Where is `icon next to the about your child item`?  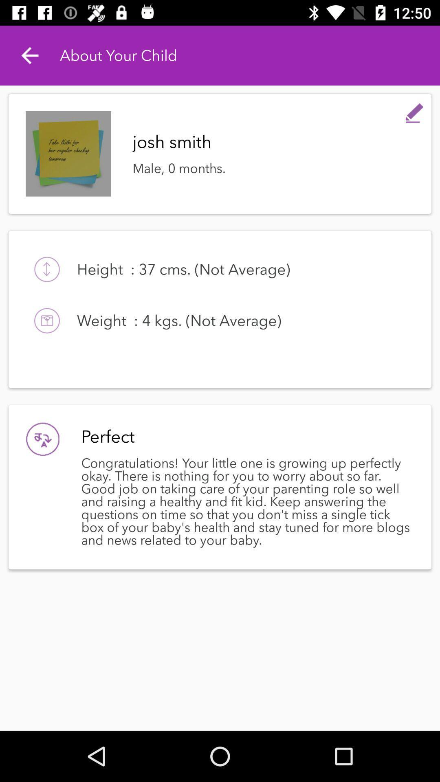 icon next to the about your child item is located at coordinates (29, 55).